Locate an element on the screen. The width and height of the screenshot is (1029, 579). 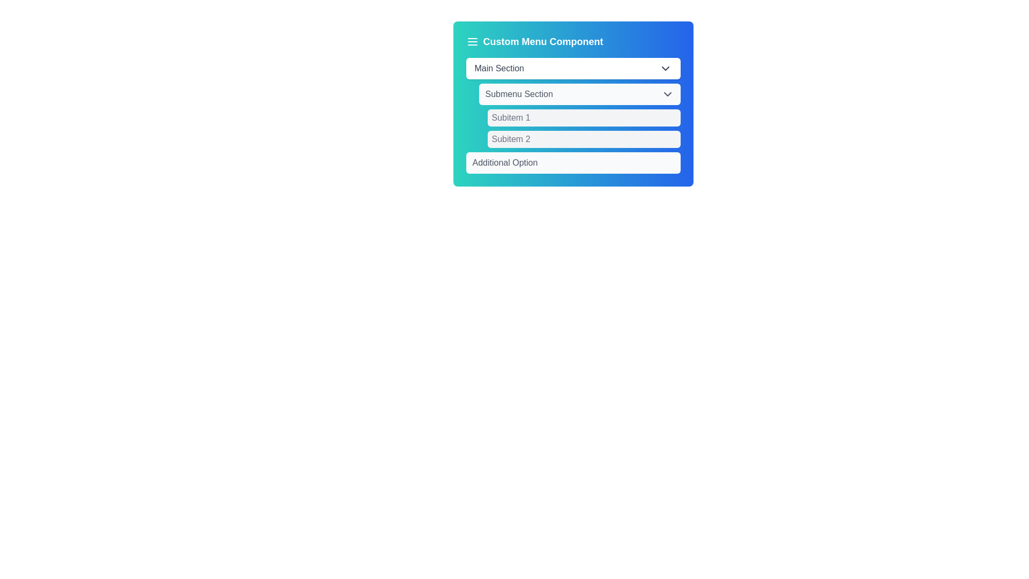
the 'Additional Option' button, which is a horizontal rectangular button with rounded corners and a white background that shifts to a lighter gray when hovered upon is located at coordinates (572, 163).